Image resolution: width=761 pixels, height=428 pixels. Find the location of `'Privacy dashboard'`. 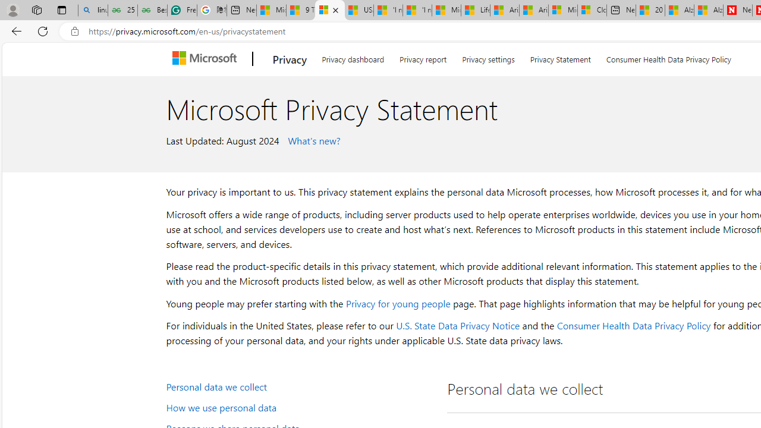

'Privacy dashboard' is located at coordinates (352, 57).